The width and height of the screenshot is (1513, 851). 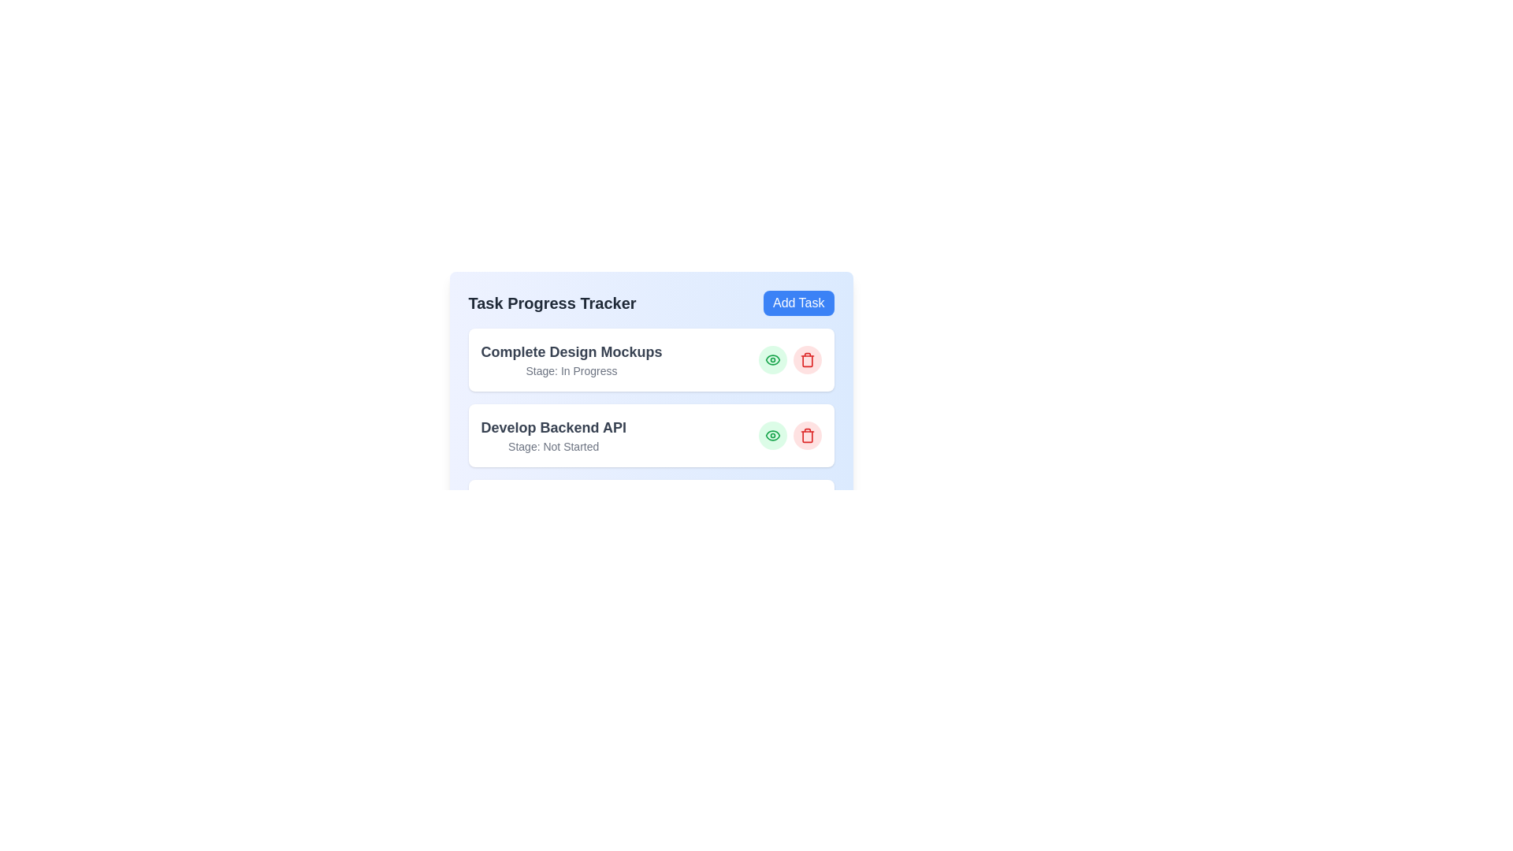 What do you see at coordinates (807, 359) in the screenshot?
I see `the 'Trash' button for the task Complete Design Mockups` at bounding box center [807, 359].